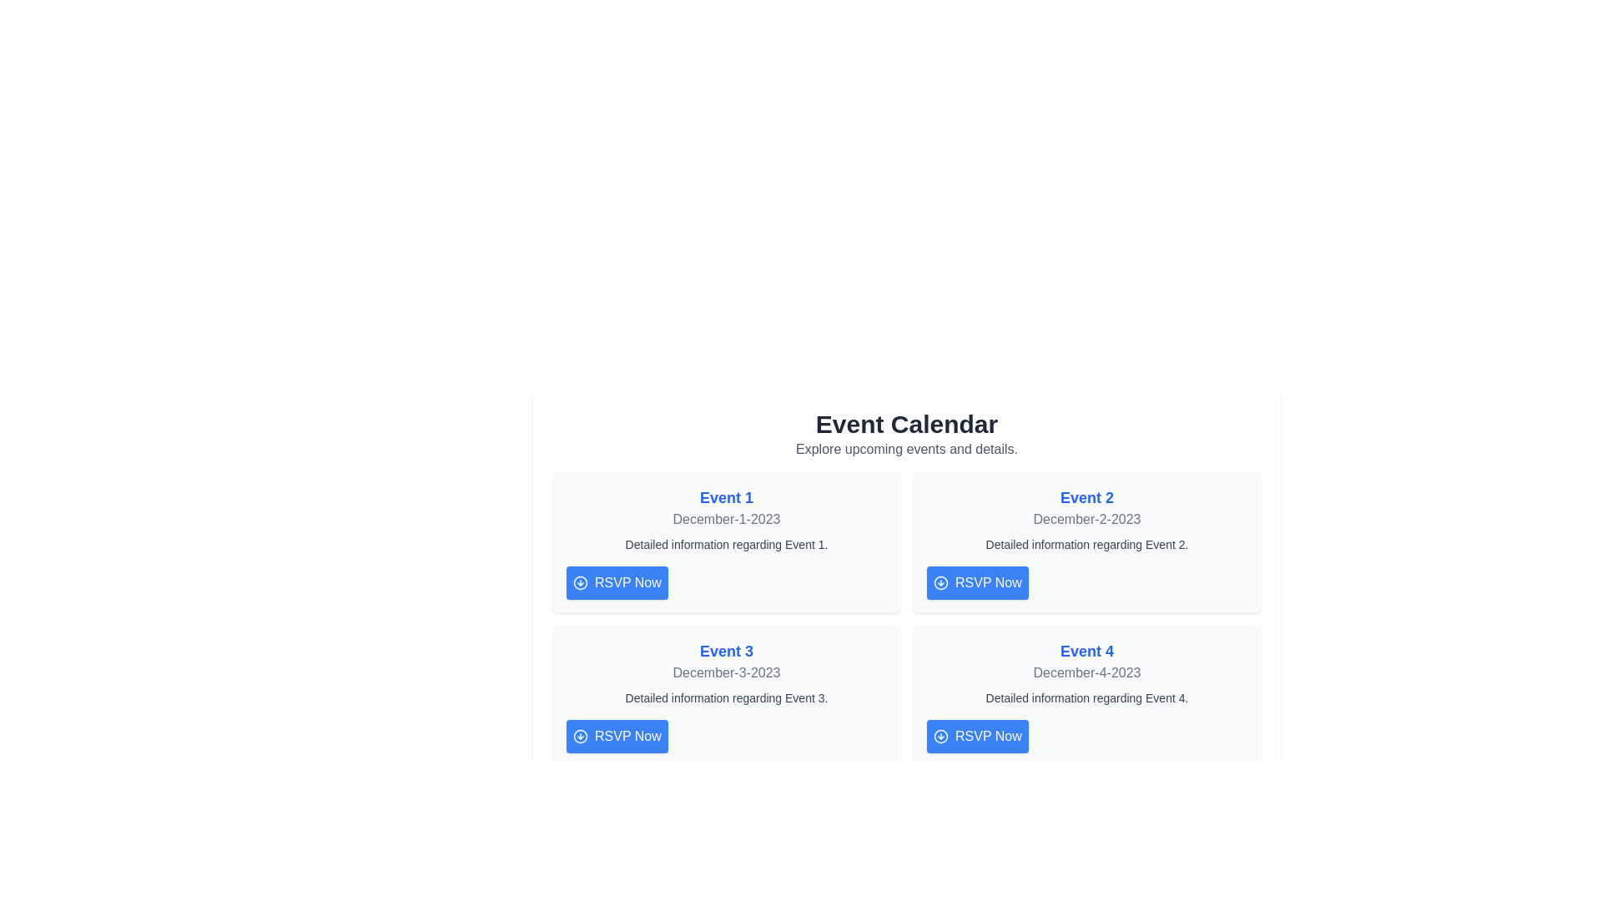 This screenshot has height=901, width=1602. Describe the element at coordinates (1086, 497) in the screenshot. I see `text label that serves as the title for the event, located at the top center of the rectangular card` at that location.